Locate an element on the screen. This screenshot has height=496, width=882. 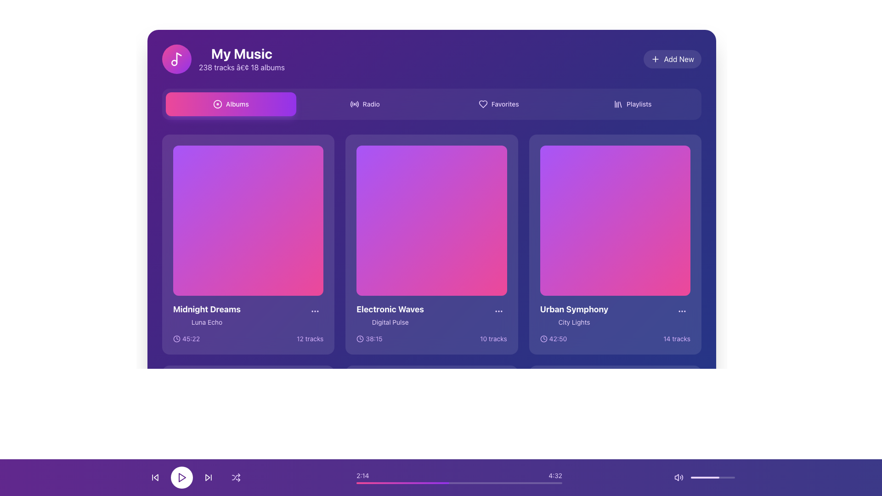
the text label displaying '14 tracks' in light purple font, located in the lower right corner of the 'Urban Symphony' card in the 'My Music' interface is located at coordinates (677, 339).